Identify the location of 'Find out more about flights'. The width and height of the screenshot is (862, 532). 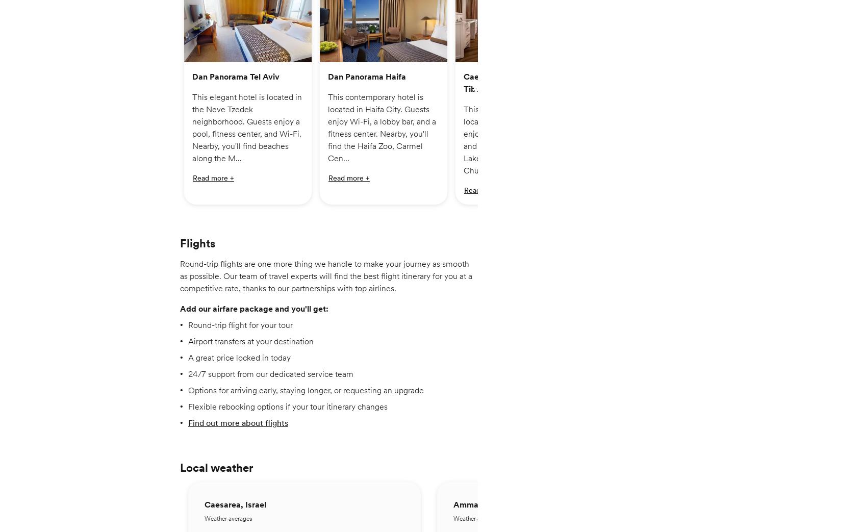
(187, 428).